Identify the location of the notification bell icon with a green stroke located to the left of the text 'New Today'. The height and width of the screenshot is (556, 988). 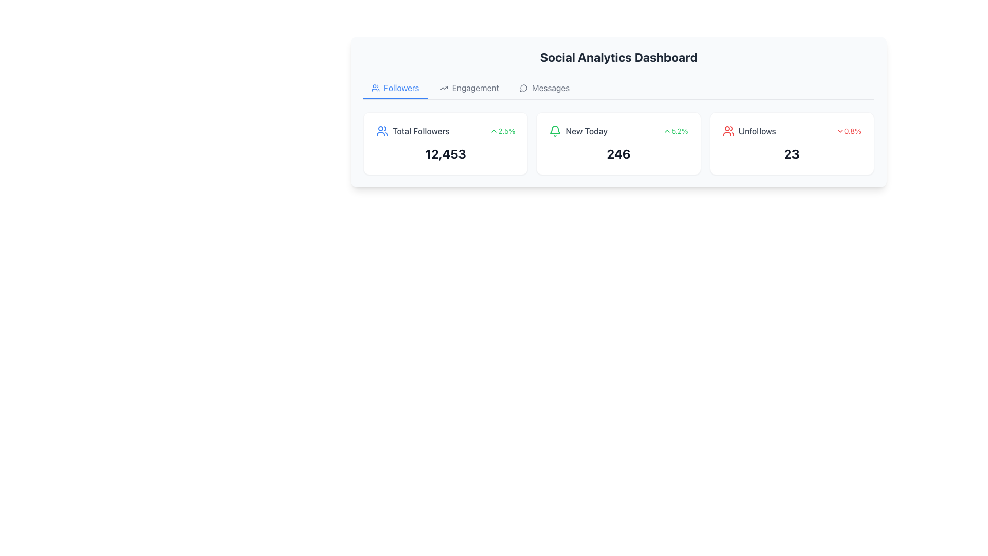
(555, 130).